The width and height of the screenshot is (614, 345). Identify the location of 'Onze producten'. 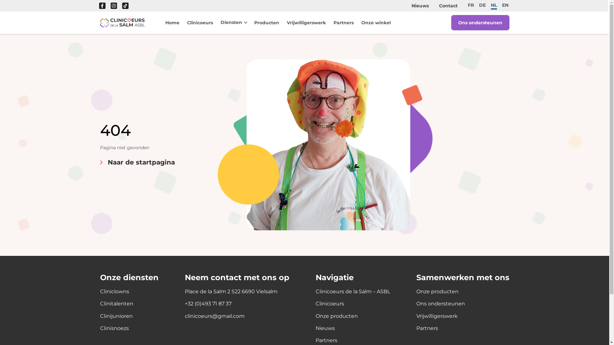
(336, 316).